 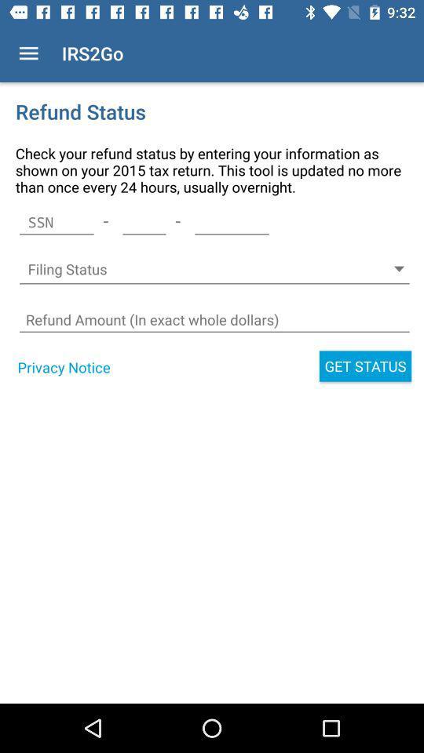 What do you see at coordinates (144, 221) in the screenshot?
I see `the icon above filing status icon` at bounding box center [144, 221].